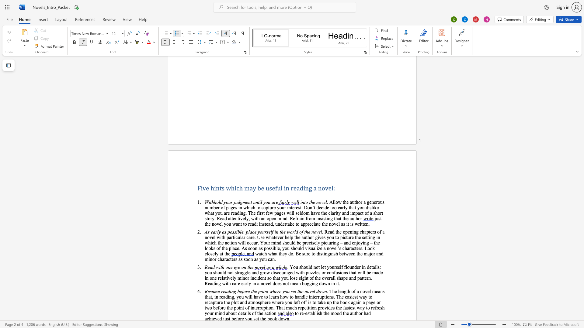  What do you see at coordinates (206, 254) in the screenshot?
I see `the 14th character "c" in the text` at bounding box center [206, 254].